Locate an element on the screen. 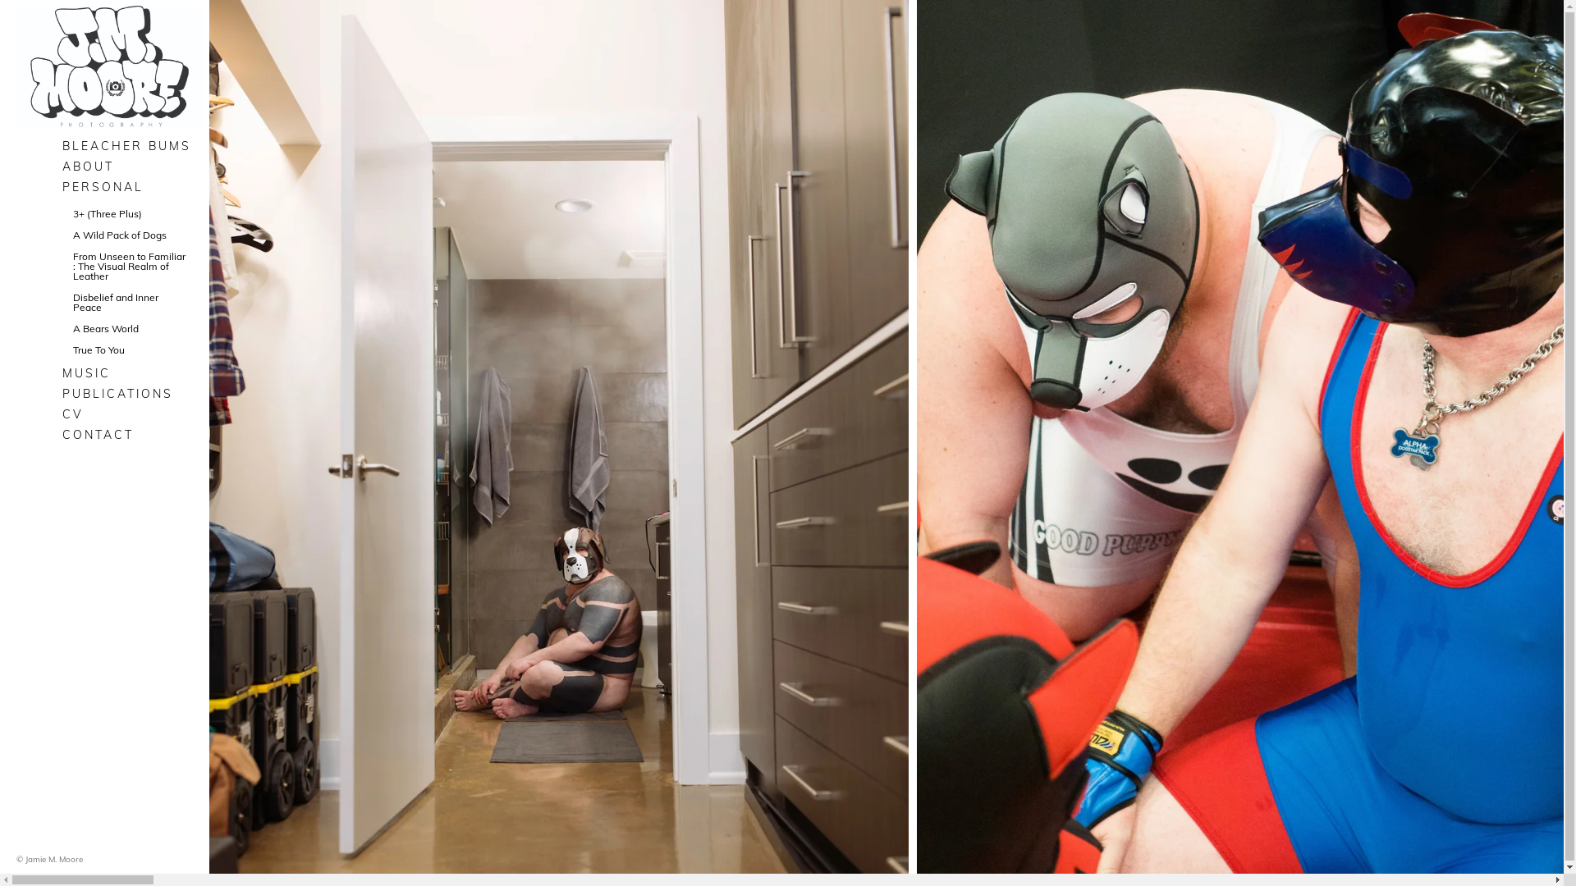 The image size is (1576, 886). 'ABOUT' is located at coordinates (55, 167).